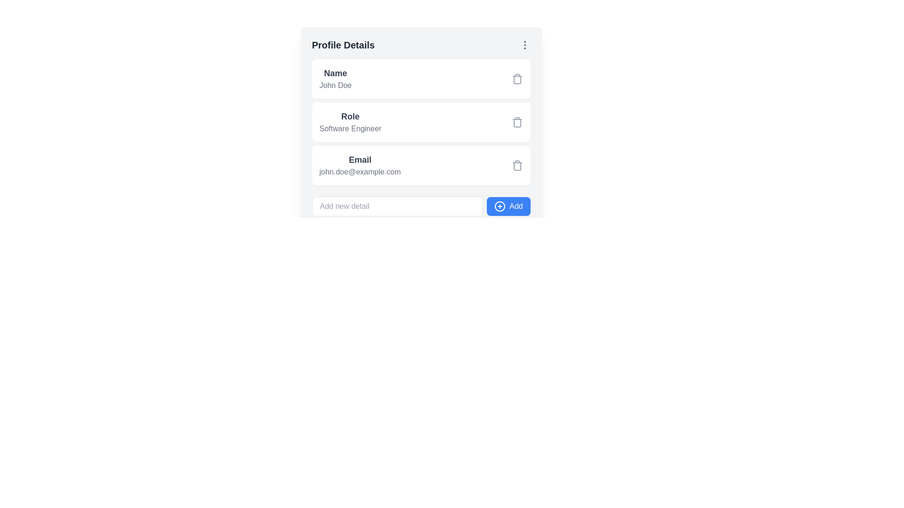 This screenshot has width=904, height=508. I want to click on the static text label displaying 'John Doe' within the 'Profile Details' card, so click(335, 85).